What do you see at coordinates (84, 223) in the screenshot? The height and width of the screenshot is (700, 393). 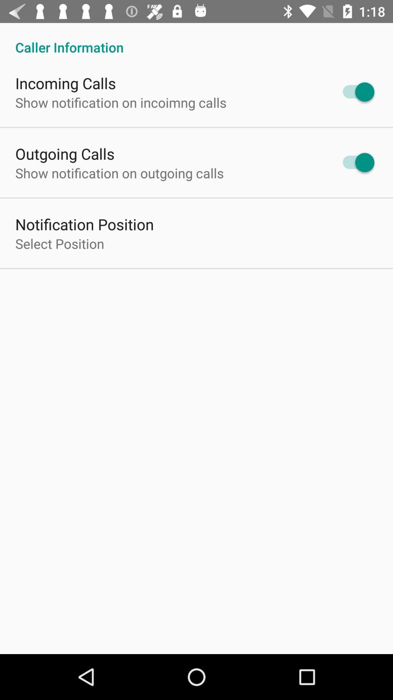 I see `notification position` at bounding box center [84, 223].